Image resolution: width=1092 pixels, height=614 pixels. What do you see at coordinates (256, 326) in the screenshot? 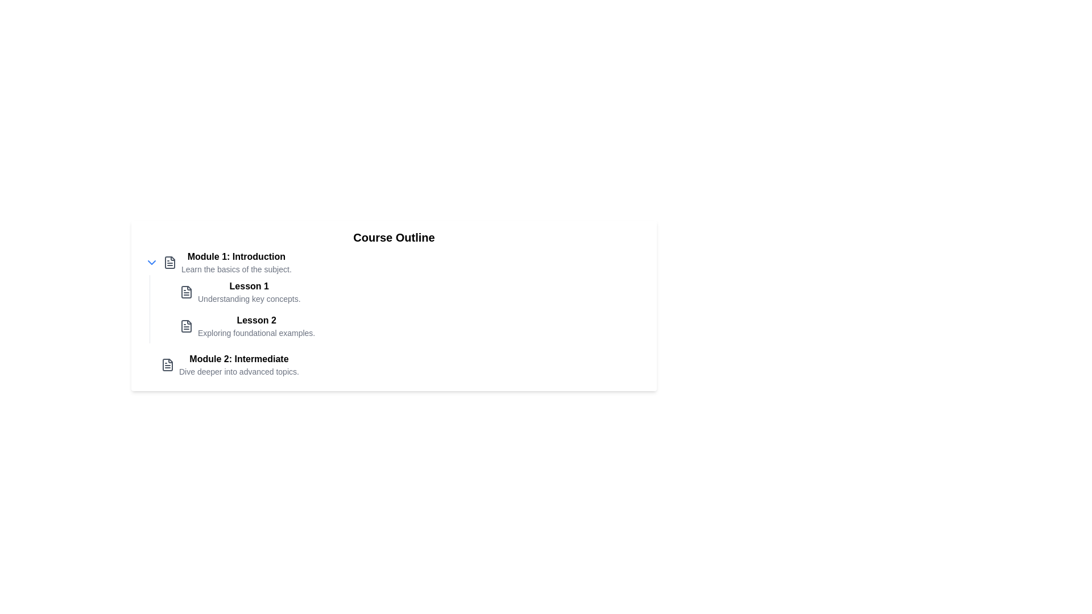
I see `the 'Lesson 2' text display, which is bold and located under 'Lesson 1' in the course outline` at bounding box center [256, 326].